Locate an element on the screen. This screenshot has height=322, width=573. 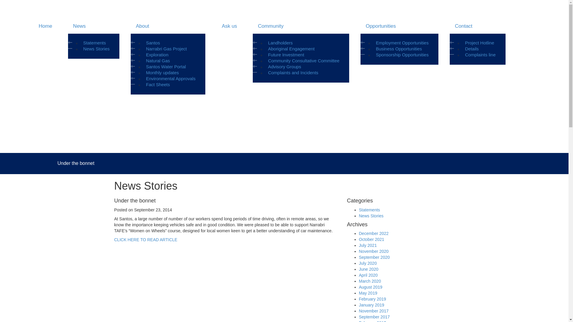
'September 2020' is located at coordinates (374, 257).